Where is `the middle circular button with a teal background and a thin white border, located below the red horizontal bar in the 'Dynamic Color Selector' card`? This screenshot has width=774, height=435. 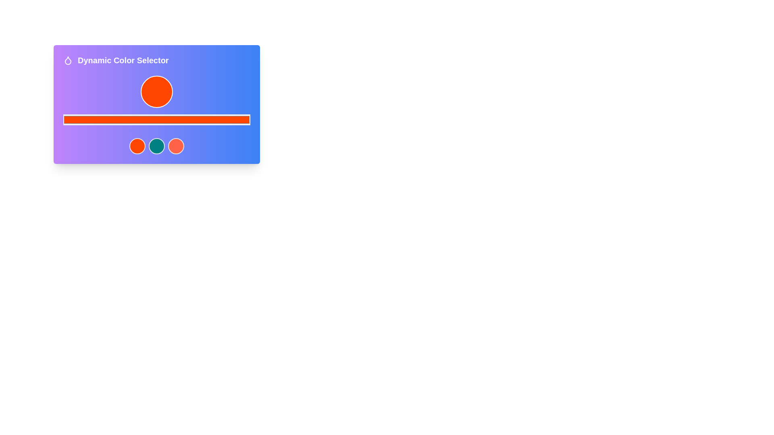 the middle circular button with a teal background and a thin white border, located below the red horizontal bar in the 'Dynamic Color Selector' card is located at coordinates (156, 146).